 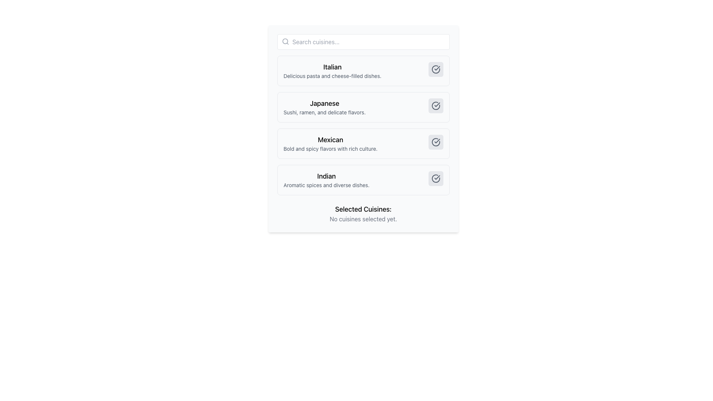 I want to click on the icon located in the top-right corner of the 'Italian' option, which serves as an indicator to mark it as selected, so click(x=436, y=69).